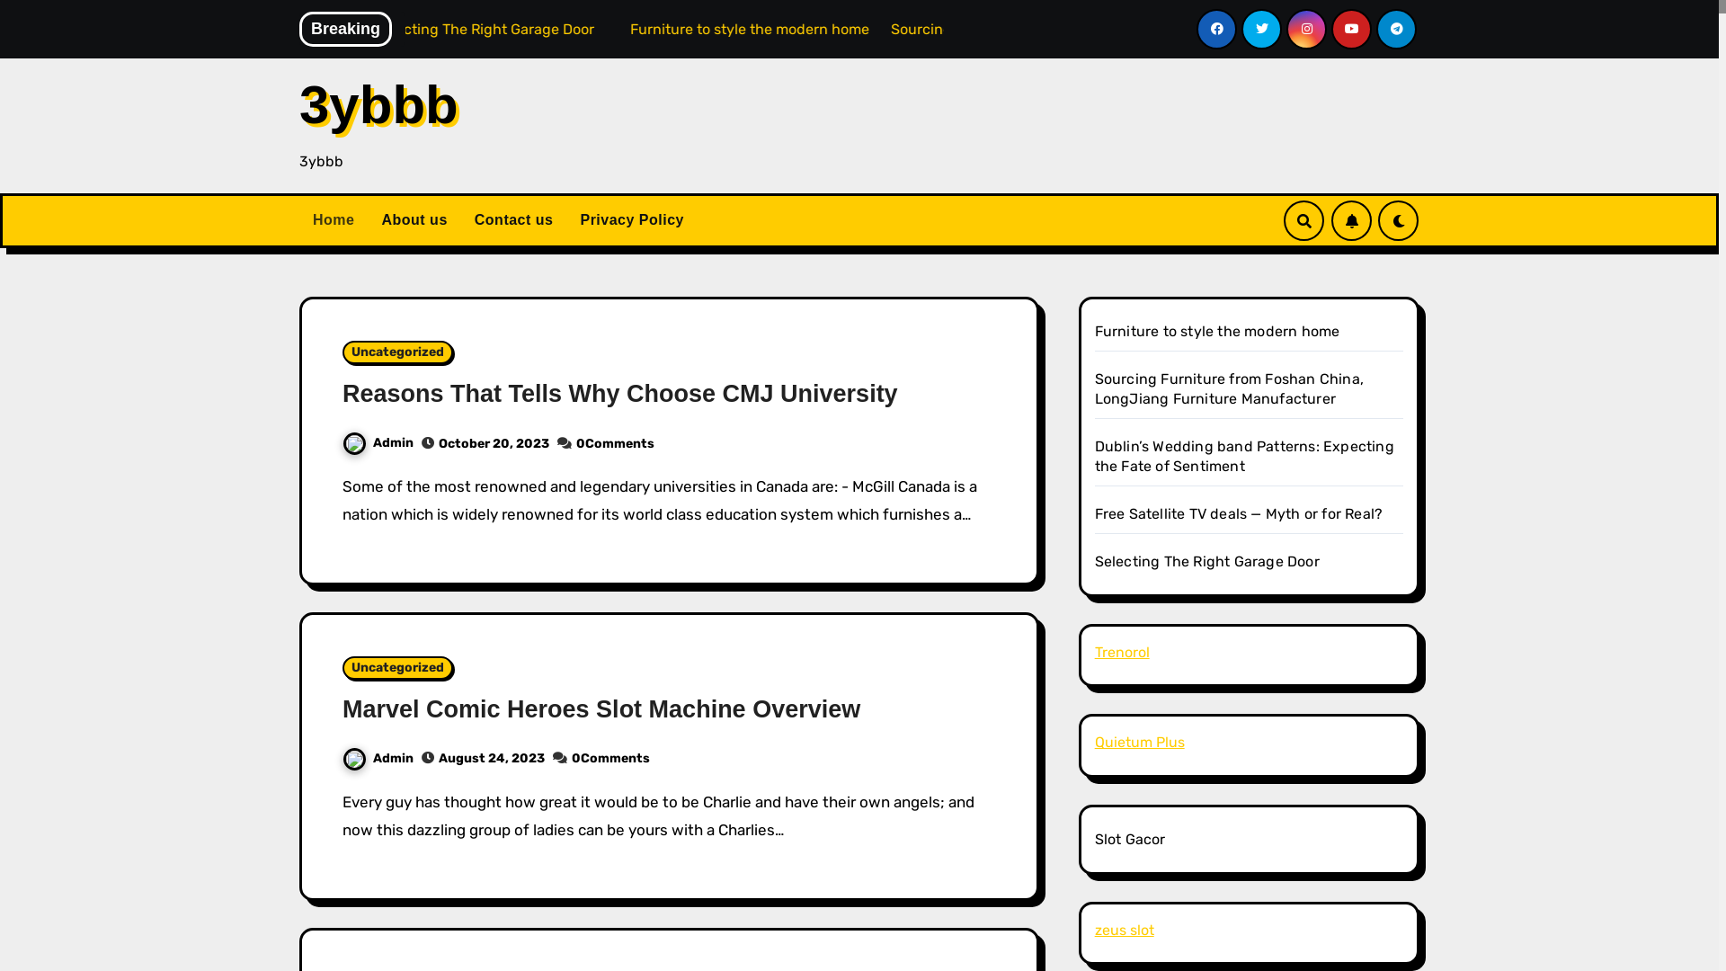  Describe the element at coordinates (298, 104) in the screenshot. I see `'3ybbb'` at that location.